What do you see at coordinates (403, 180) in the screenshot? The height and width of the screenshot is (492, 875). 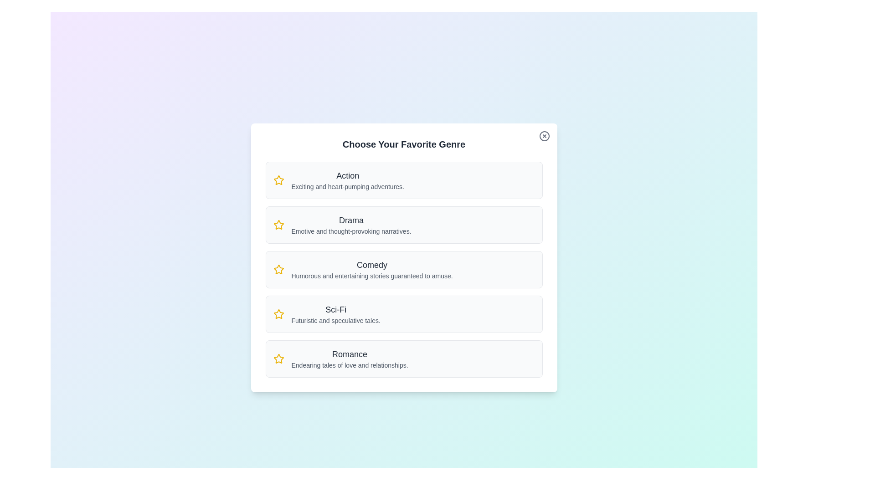 I see `the card corresponding to the genre Action` at bounding box center [403, 180].